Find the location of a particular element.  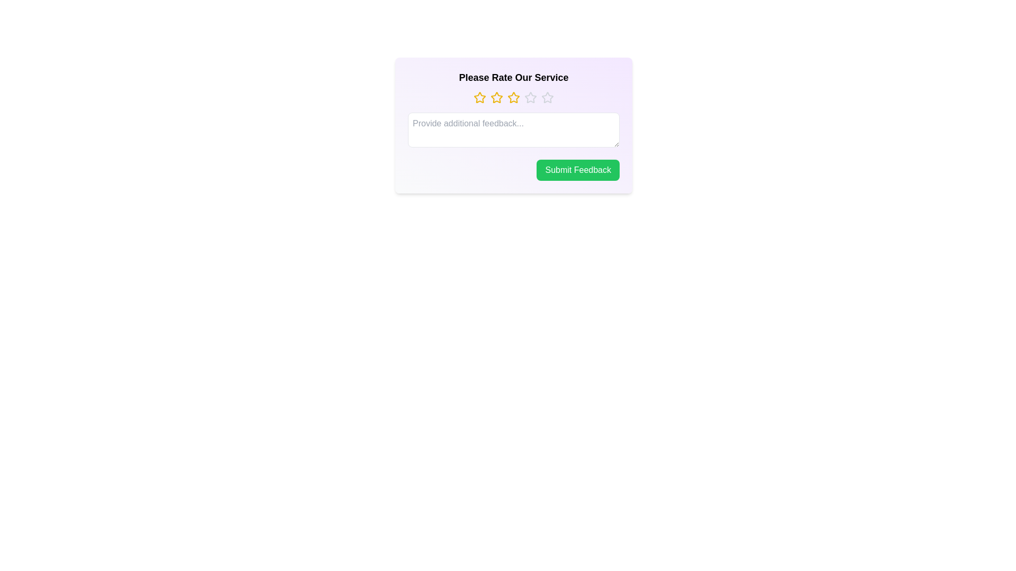

the star corresponding to the 4 value to set the rating is located at coordinates (531, 98).